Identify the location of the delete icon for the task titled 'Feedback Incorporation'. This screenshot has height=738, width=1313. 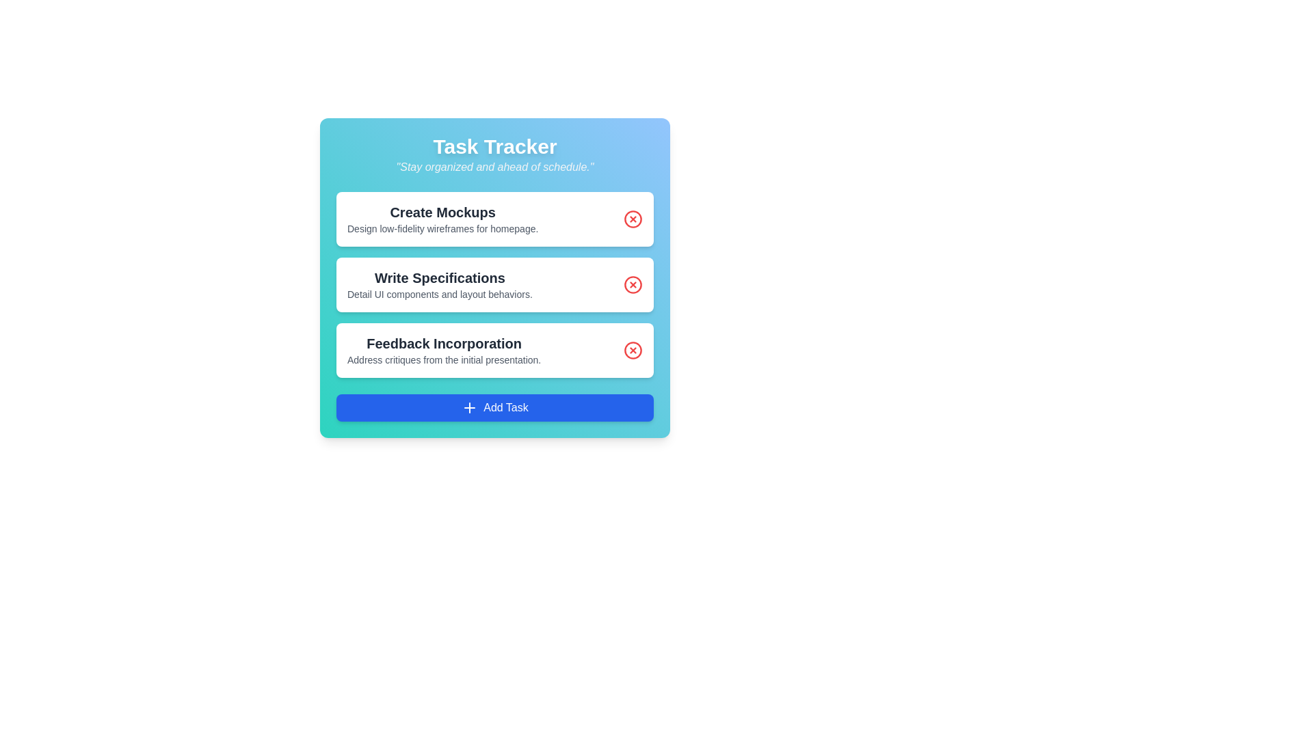
(633, 350).